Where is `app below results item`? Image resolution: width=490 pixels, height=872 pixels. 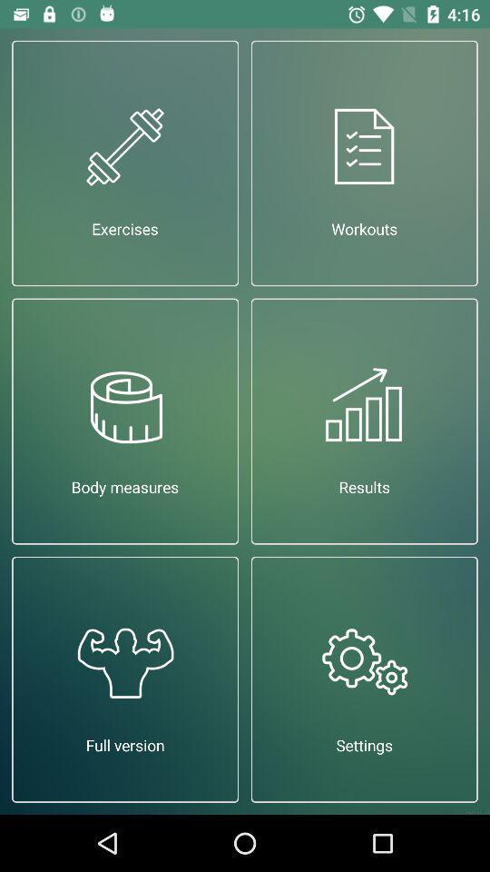 app below results item is located at coordinates (364, 679).